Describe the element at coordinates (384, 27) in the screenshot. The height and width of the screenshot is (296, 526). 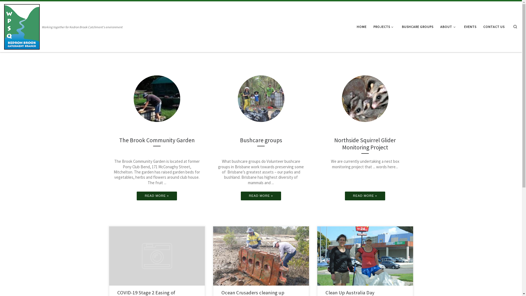
I see `'PROJECTS'` at that location.